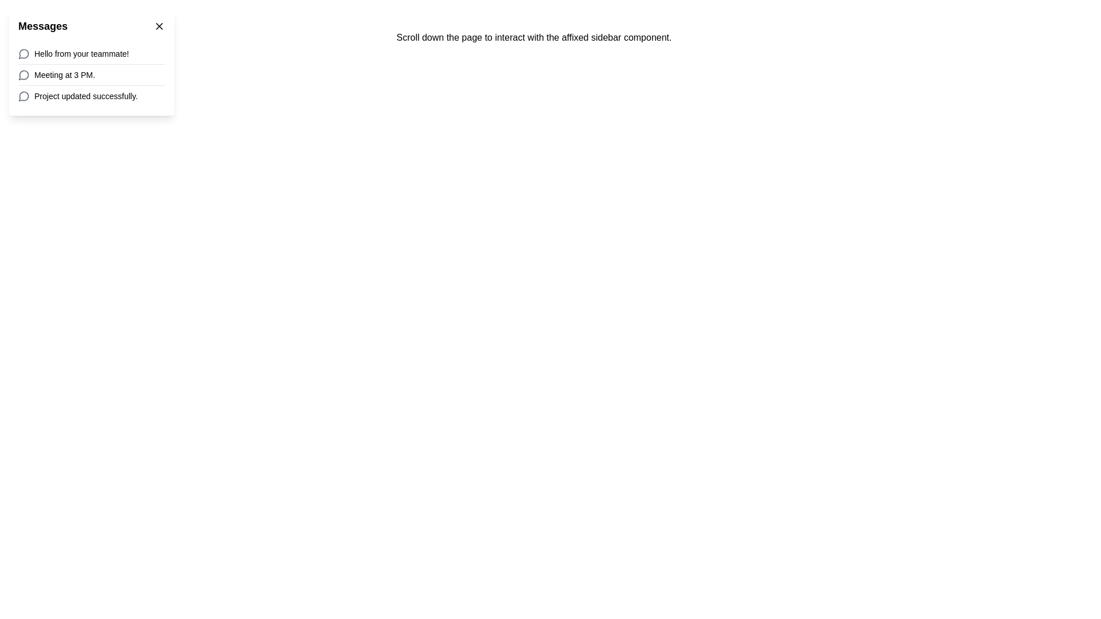  What do you see at coordinates (91, 95) in the screenshot?
I see `notification item indicating a successful project update, located as the third item in the sidebar notification list` at bounding box center [91, 95].